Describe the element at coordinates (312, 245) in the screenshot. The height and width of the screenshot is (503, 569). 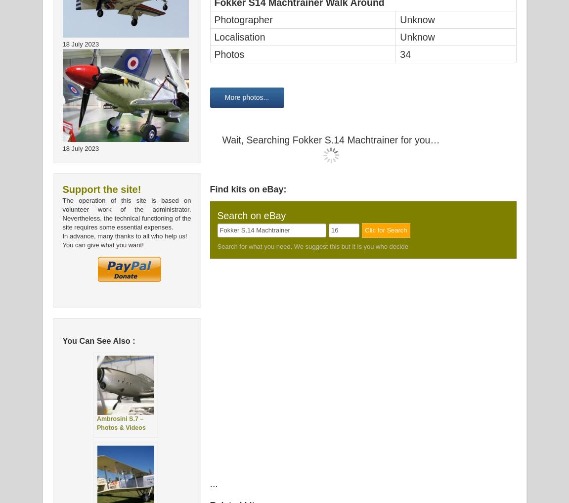
I see `'Search for what you need, We suggest this but it is you who decide'` at that location.